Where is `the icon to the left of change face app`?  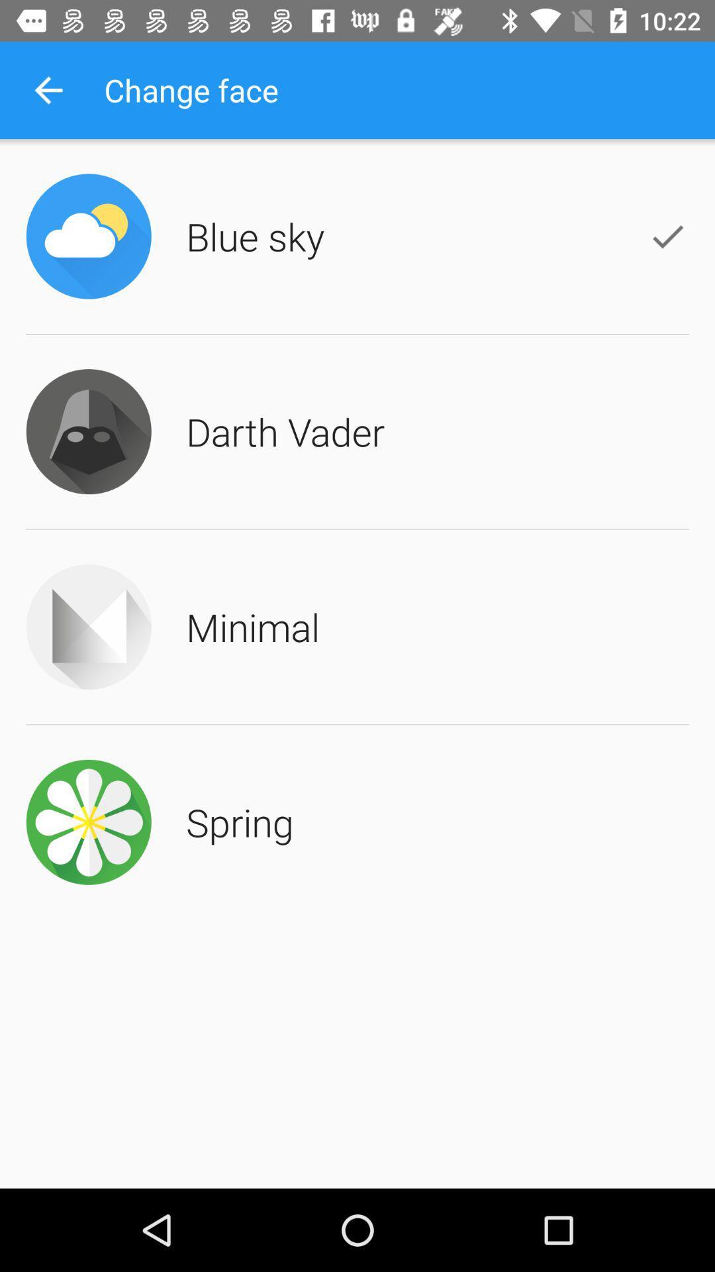 the icon to the left of change face app is located at coordinates (48, 89).